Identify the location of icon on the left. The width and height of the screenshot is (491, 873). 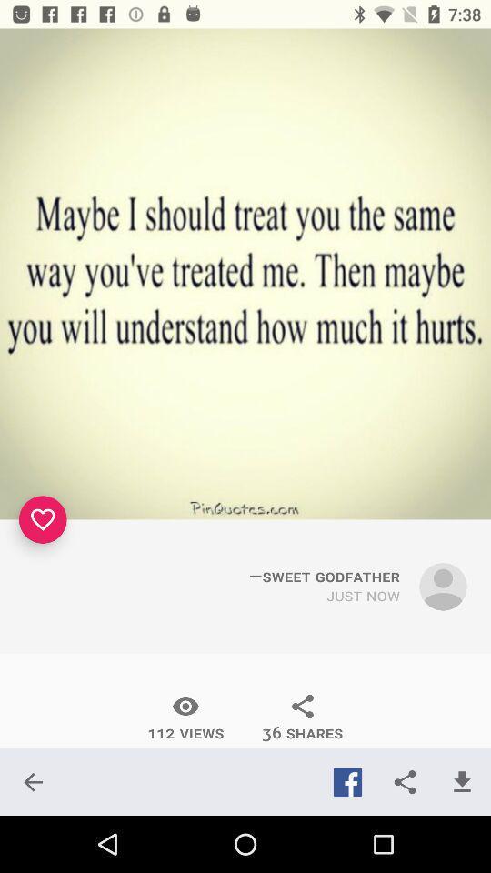
(43, 519).